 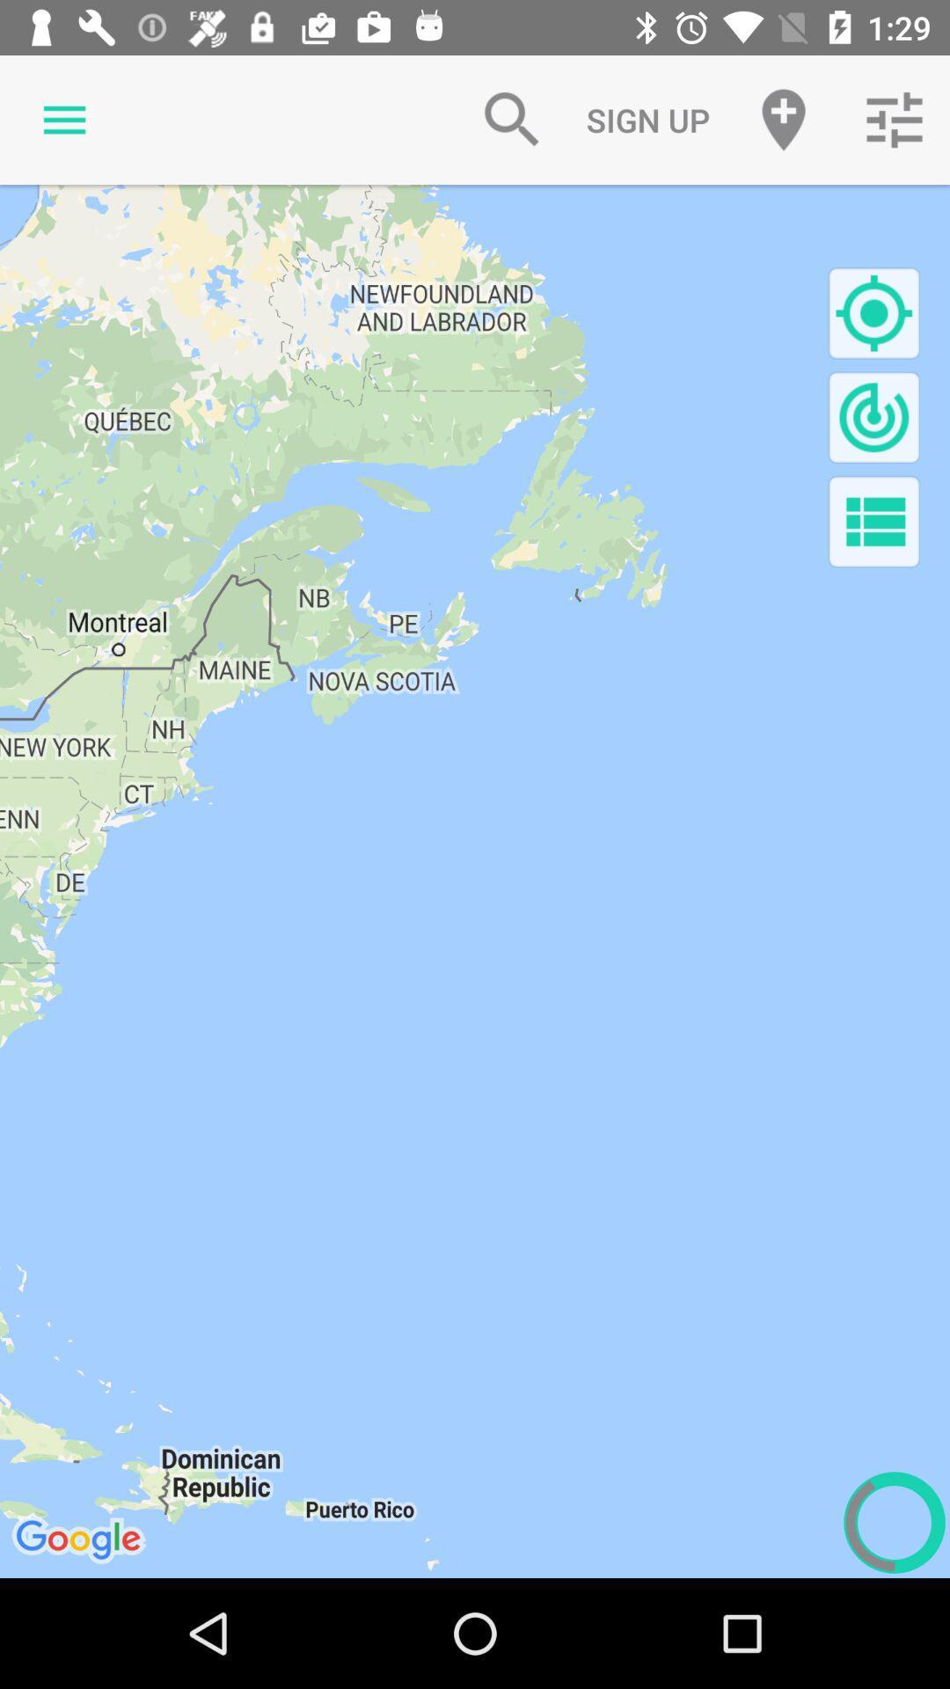 What do you see at coordinates (873, 313) in the screenshot?
I see `search for location` at bounding box center [873, 313].